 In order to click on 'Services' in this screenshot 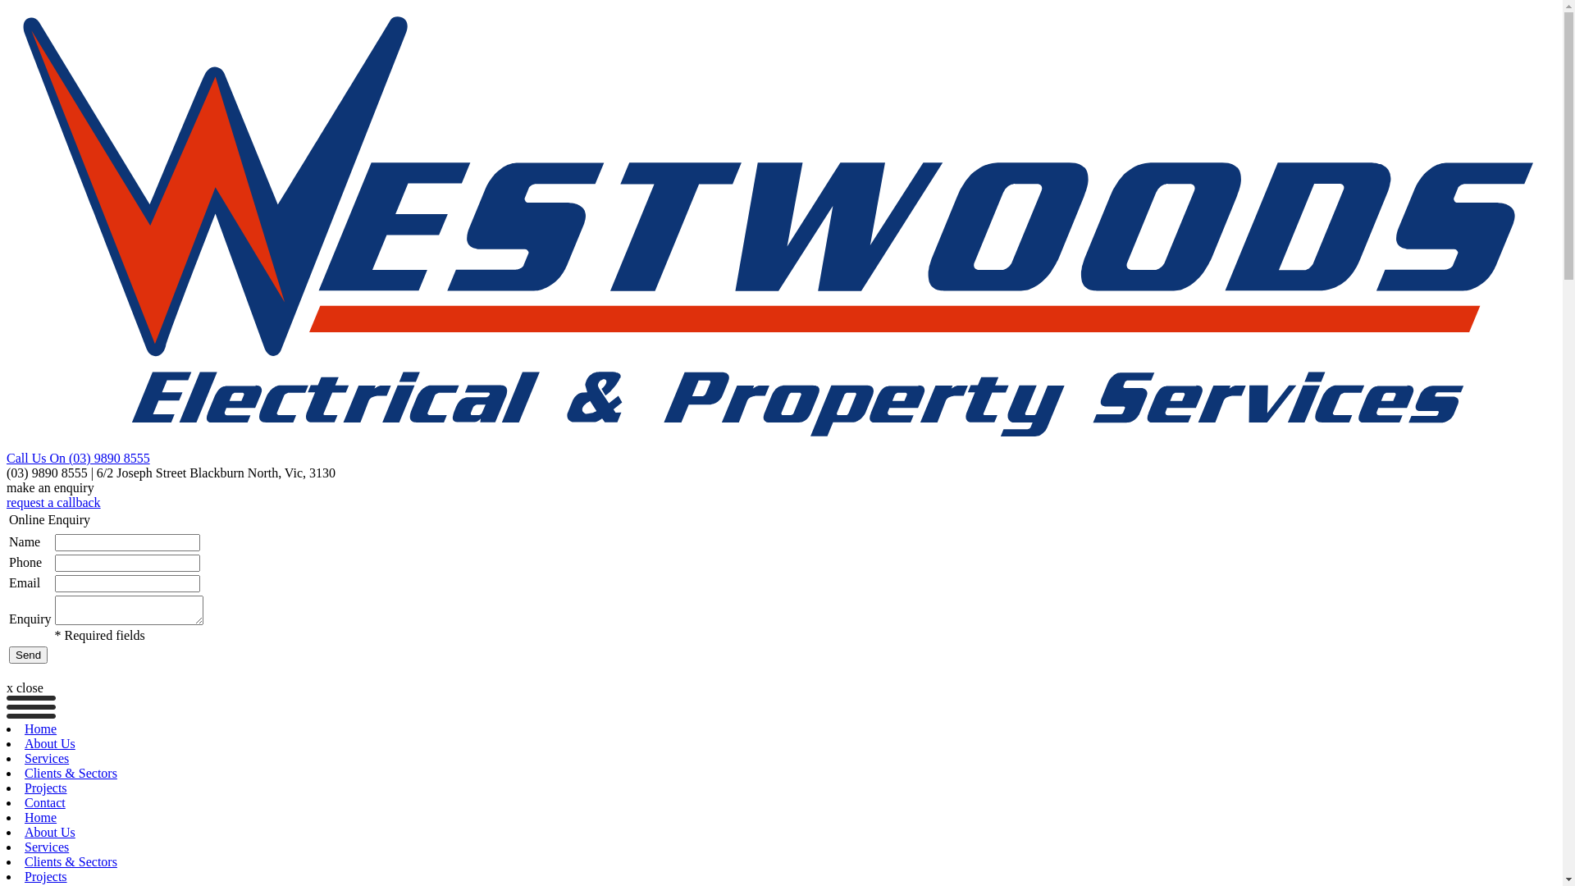, I will do `click(47, 847)`.